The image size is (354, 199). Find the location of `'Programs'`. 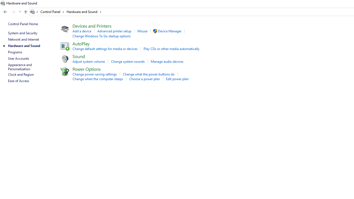

'Programs' is located at coordinates (15, 52).